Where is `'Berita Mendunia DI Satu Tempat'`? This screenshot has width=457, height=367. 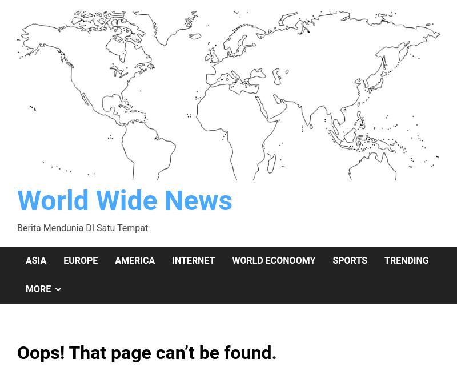
'Berita Mendunia DI Satu Tempat' is located at coordinates (82, 227).